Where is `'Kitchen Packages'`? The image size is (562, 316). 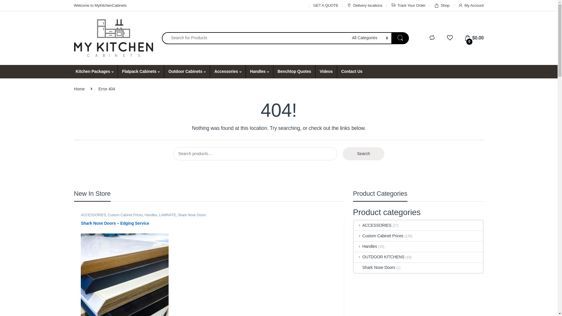
'Kitchen Packages' is located at coordinates (94, 71).